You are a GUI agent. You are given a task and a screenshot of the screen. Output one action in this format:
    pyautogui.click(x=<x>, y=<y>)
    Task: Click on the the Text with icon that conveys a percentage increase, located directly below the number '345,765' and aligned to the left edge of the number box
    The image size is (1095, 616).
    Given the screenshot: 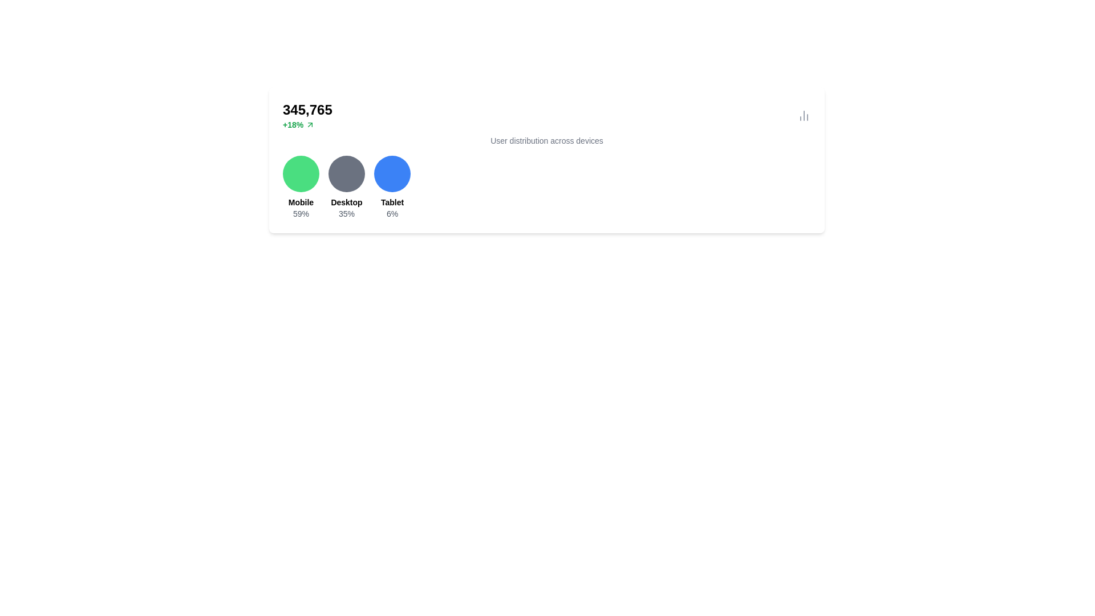 What is the action you would take?
    pyautogui.click(x=307, y=125)
    